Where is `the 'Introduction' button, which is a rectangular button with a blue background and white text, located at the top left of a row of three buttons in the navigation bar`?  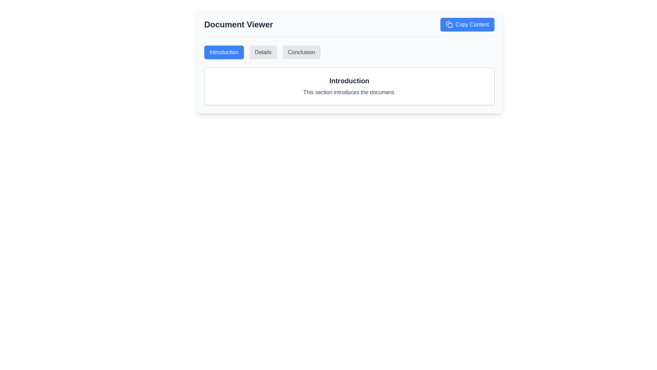
the 'Introduction' button, which is a rectangular button with a blue background and white text, located at the top left of a row of three buttons in the navigation bar is located at coordinates (224, 52).